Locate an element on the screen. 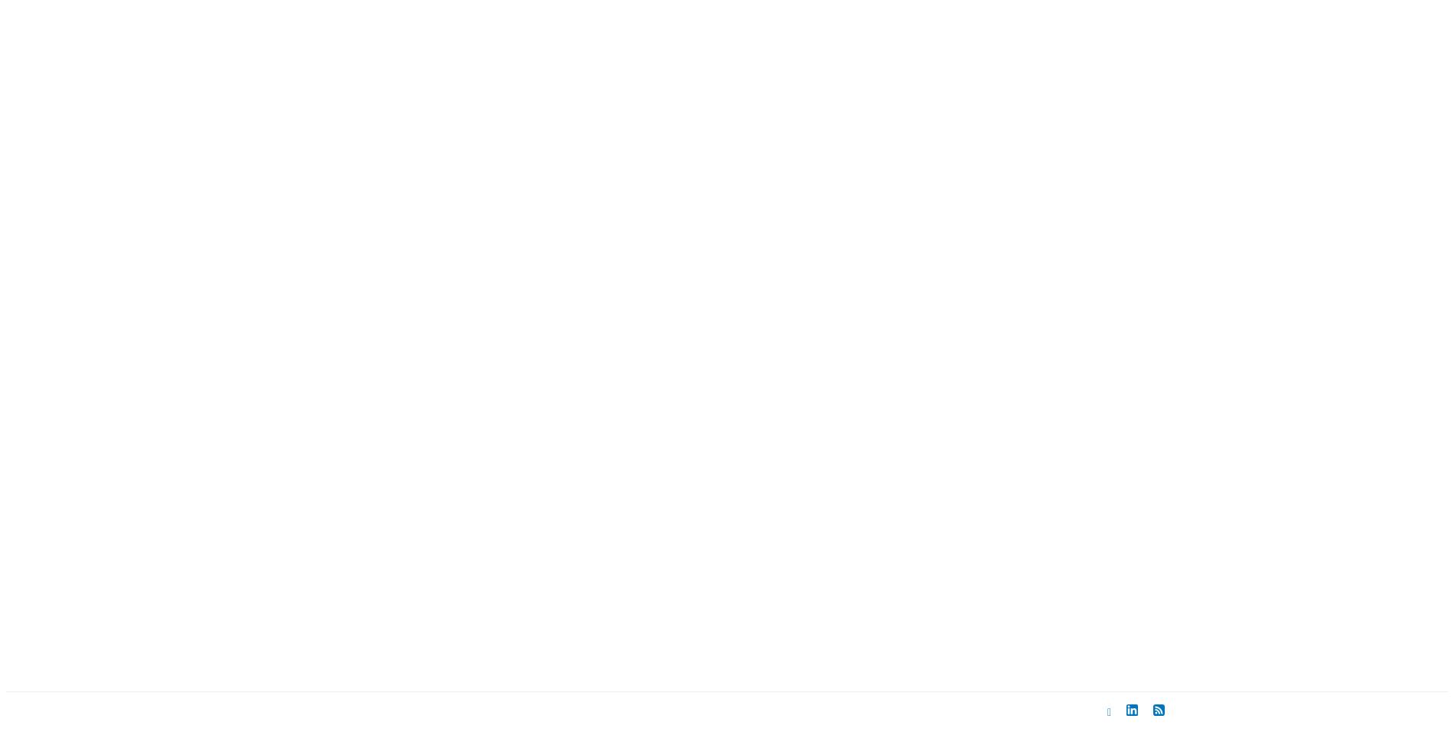 Image resolution: width=1454 pixels, height=735 pixels. '2005' is located at coordinates (950, 443).